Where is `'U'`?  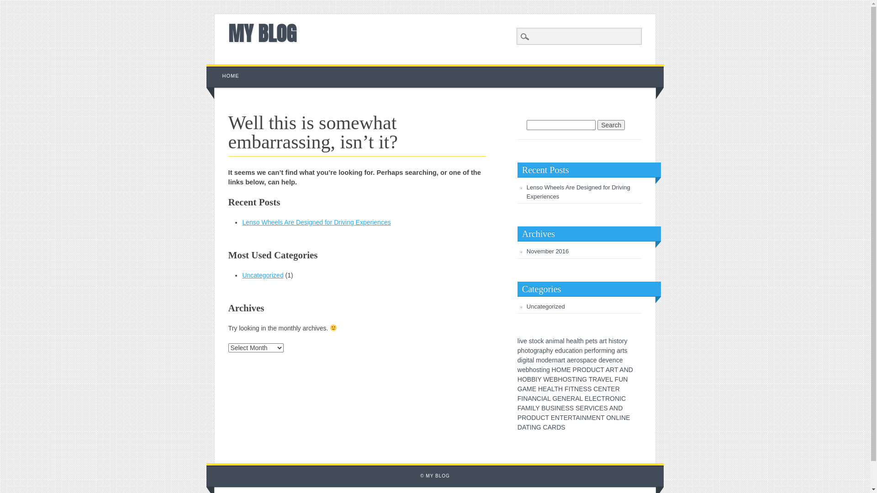
'U' is located at coordinates (620, 379).